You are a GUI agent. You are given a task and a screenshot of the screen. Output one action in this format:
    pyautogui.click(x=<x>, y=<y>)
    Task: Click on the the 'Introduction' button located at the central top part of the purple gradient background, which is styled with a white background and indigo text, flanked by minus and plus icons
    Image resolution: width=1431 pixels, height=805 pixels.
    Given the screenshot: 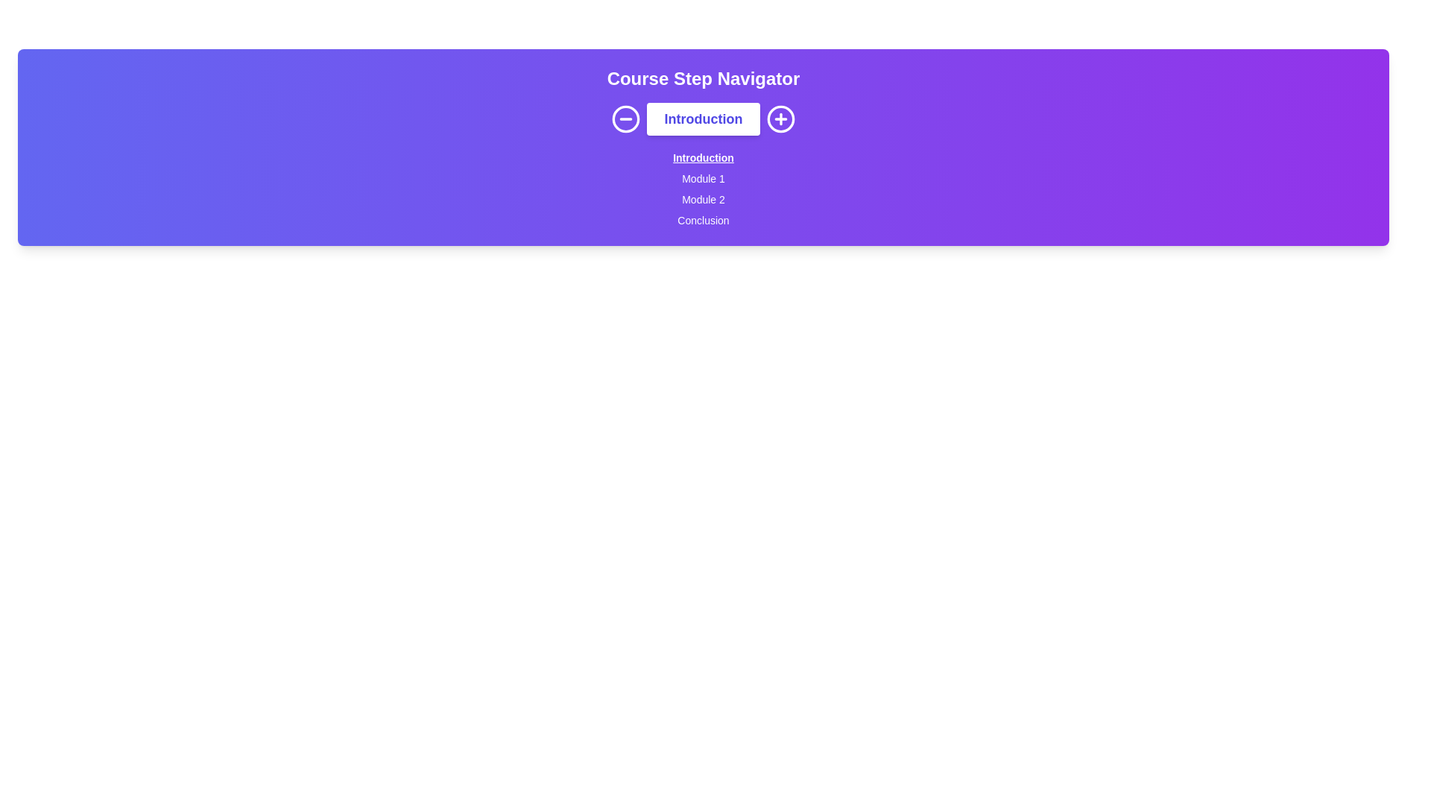 What is the action you would take?
    pyautogui.click(x=703, y=118)
    